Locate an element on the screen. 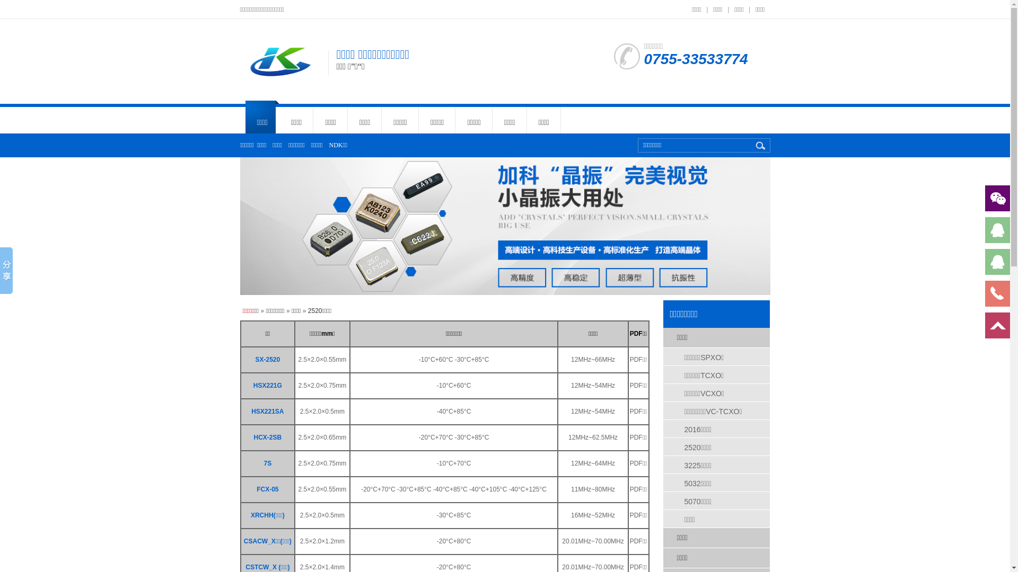 The height and width of the screenshot is (572, 1018). 'HSX221G' is located at coordinates (267, 386).